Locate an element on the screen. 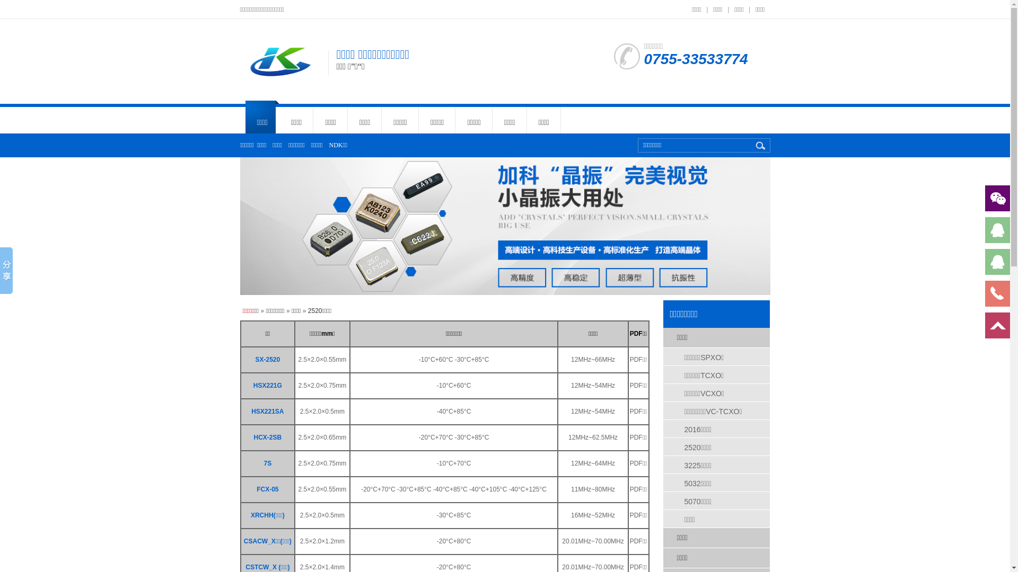 The height and width of the screenshot is (572, 1018). 'HSX221G' is located at coordinates (267, 386).